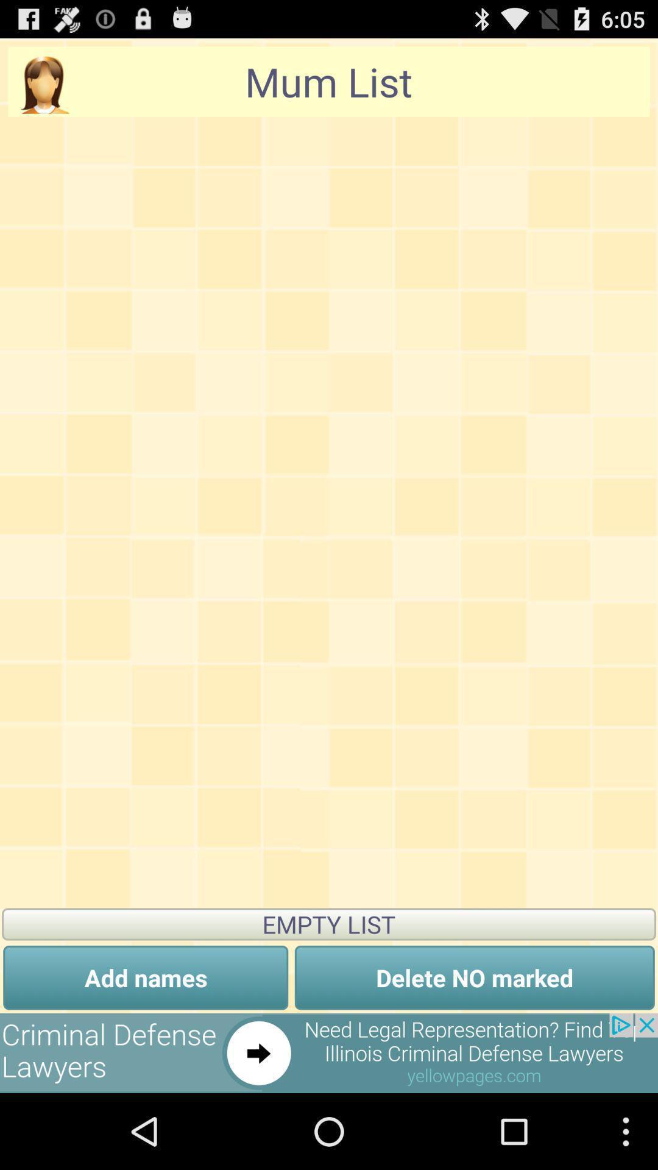  Describe the element at coordinates (329, 1052) in the screenshot. I see `open an advertisements` at that location.